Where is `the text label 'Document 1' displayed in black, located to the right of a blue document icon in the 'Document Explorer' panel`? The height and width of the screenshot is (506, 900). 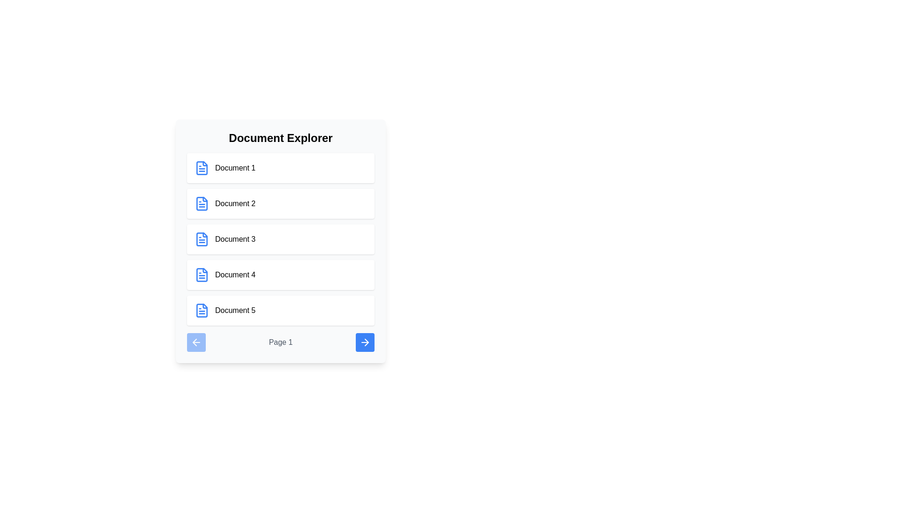 the text label 'Document 1' displayed in black, located to the right of a blue document icon in the 'Document Explorer' panel is located at coordinates (235, 167).